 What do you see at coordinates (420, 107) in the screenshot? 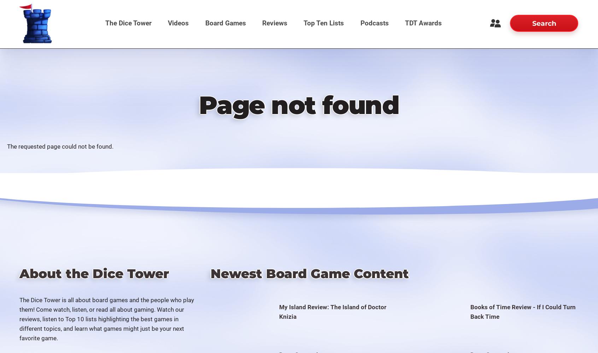
I see `'The Dice Tower Awards 2017'` at bounding box center [420, 107].